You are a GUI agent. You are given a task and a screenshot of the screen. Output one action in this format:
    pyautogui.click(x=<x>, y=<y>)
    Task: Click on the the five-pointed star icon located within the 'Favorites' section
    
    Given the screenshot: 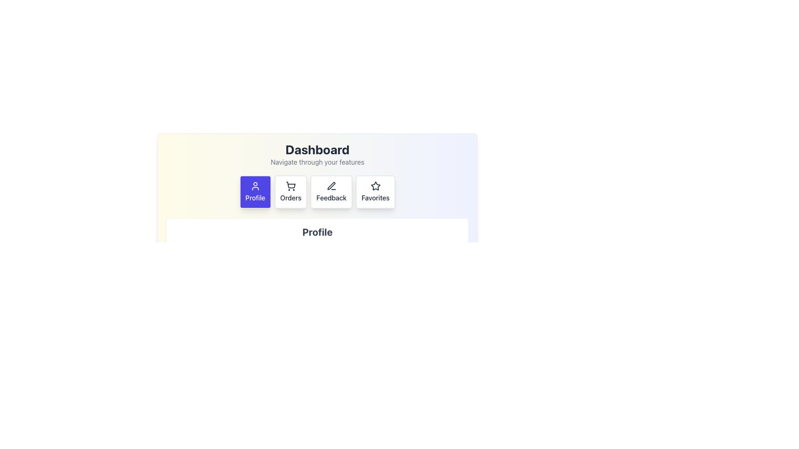 What is the action you would take?
    pyautogui.click(x=375, y=185)
    